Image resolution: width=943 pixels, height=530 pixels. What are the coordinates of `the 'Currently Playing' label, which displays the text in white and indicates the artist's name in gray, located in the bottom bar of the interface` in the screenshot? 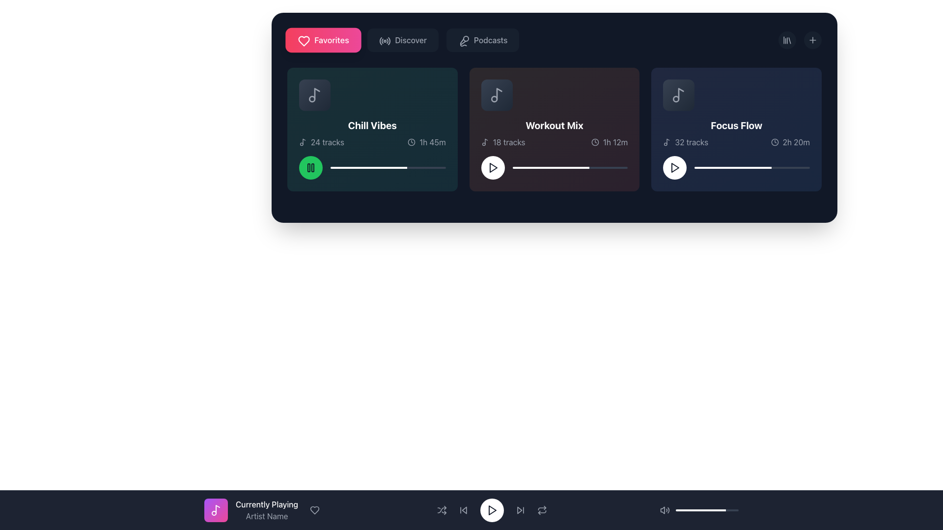 It's located at (471, 510).